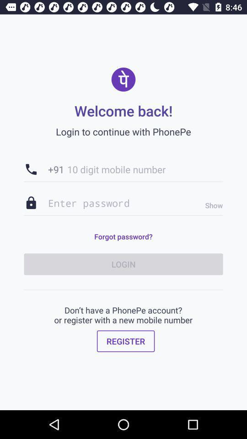 Image resolution: width=247 pixels, height=439 pixels. What do you see at coordinates (123, 203) in the screenshot?
I see `item above forgot password? icon` at bounding box center [123, 203].